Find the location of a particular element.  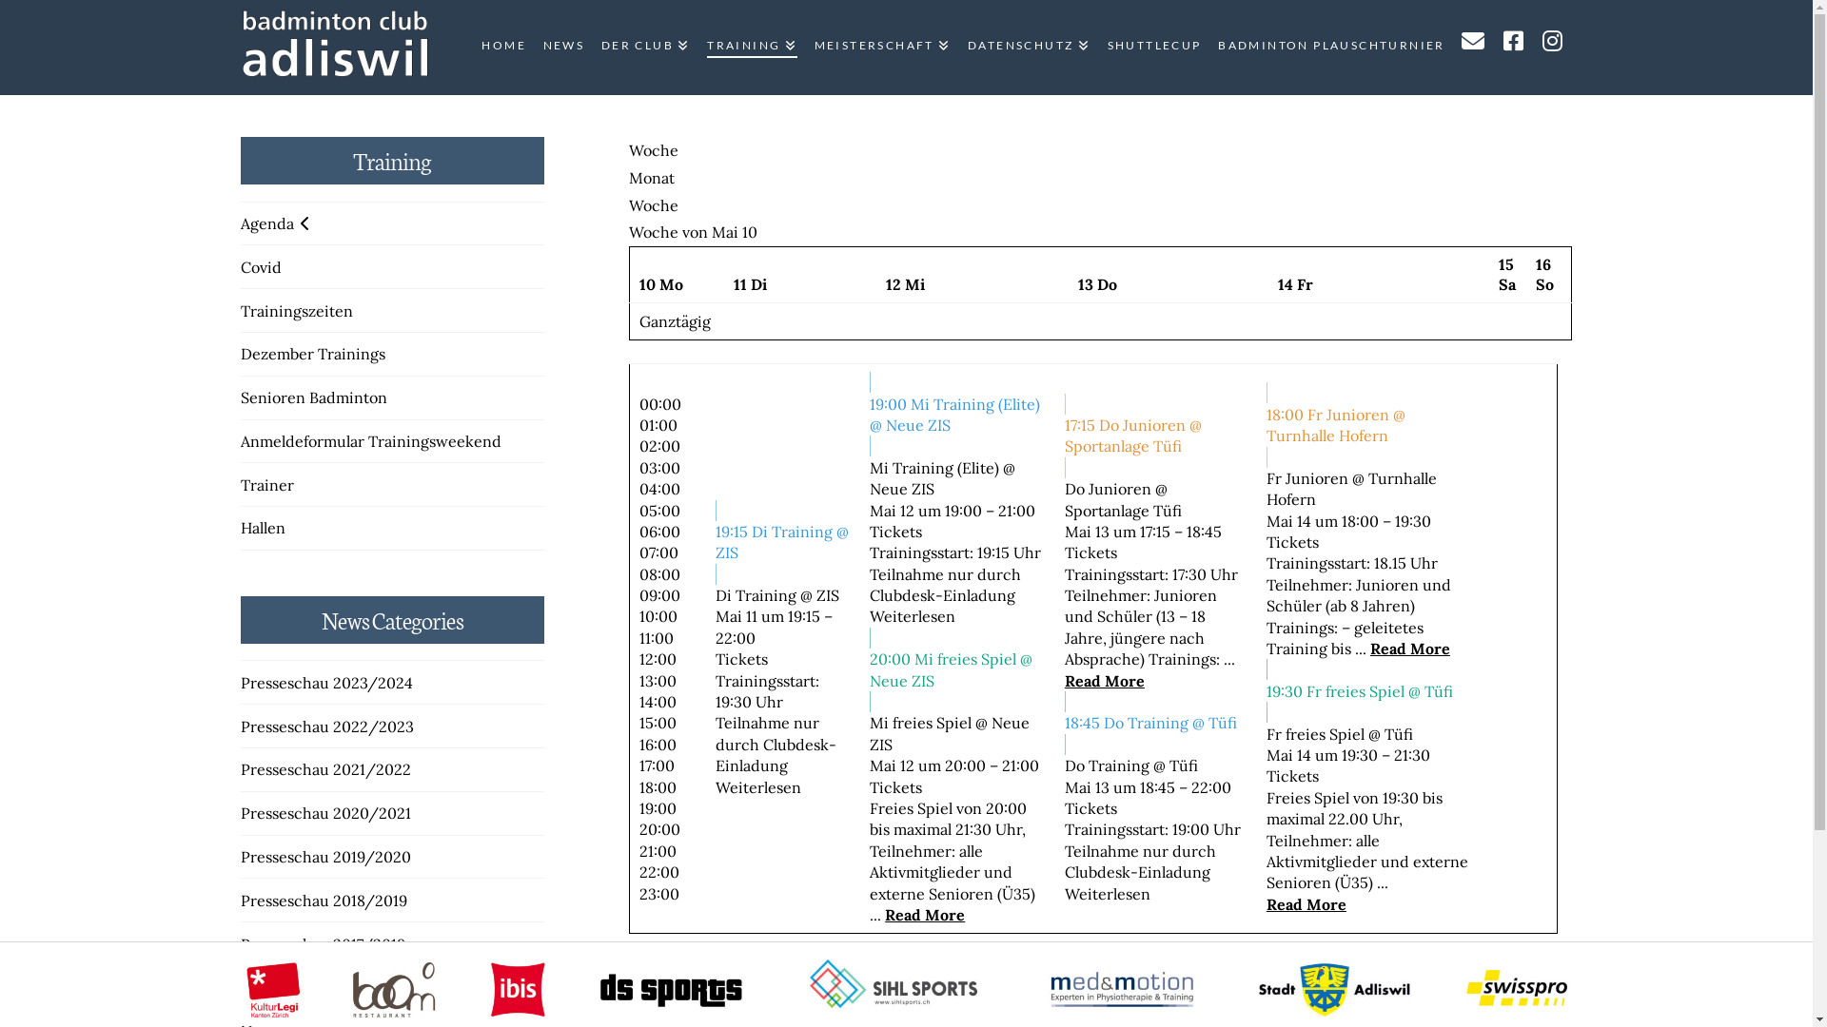

'TRAINING' is located at coordinates (749, 47).